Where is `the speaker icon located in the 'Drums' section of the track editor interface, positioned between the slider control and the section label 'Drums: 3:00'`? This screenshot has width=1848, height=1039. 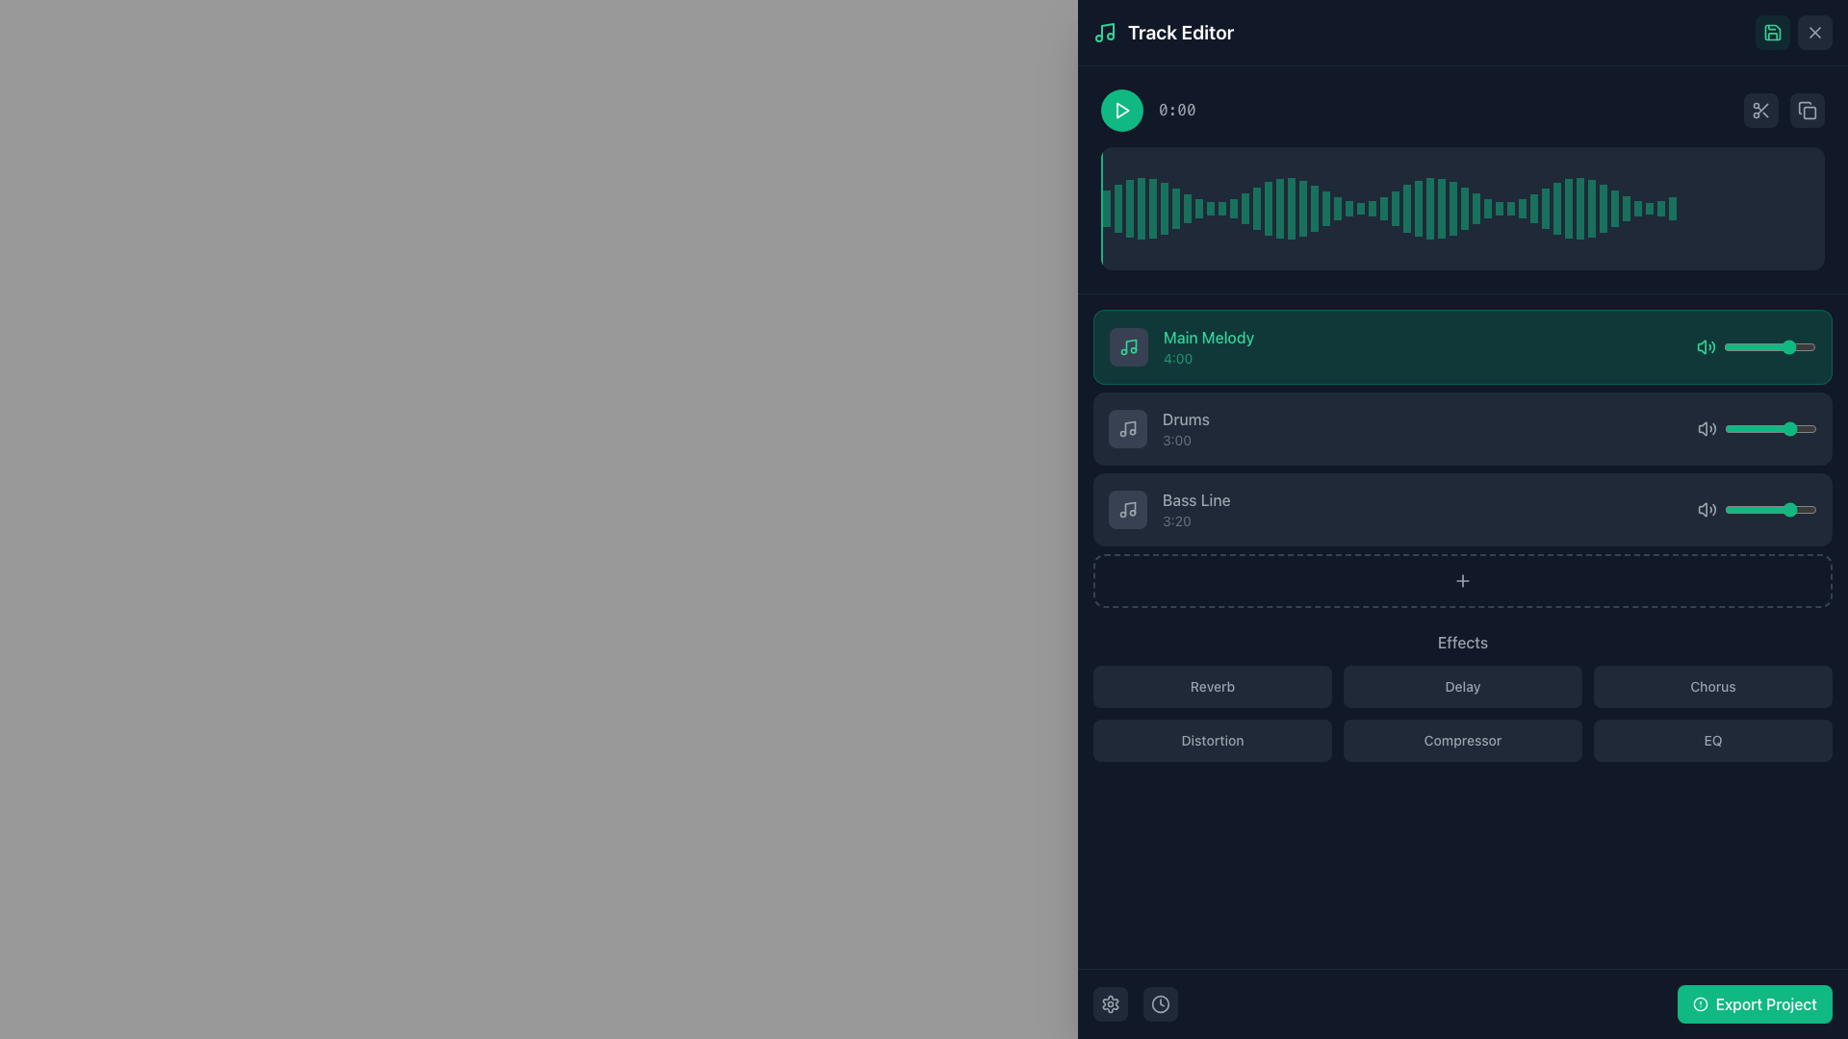
the speaker icon located in the 'Drums' section of the track editor interface, positioned between the slider control and the section label 'Drums: 3:00' is located at coordinates (1707, 428).